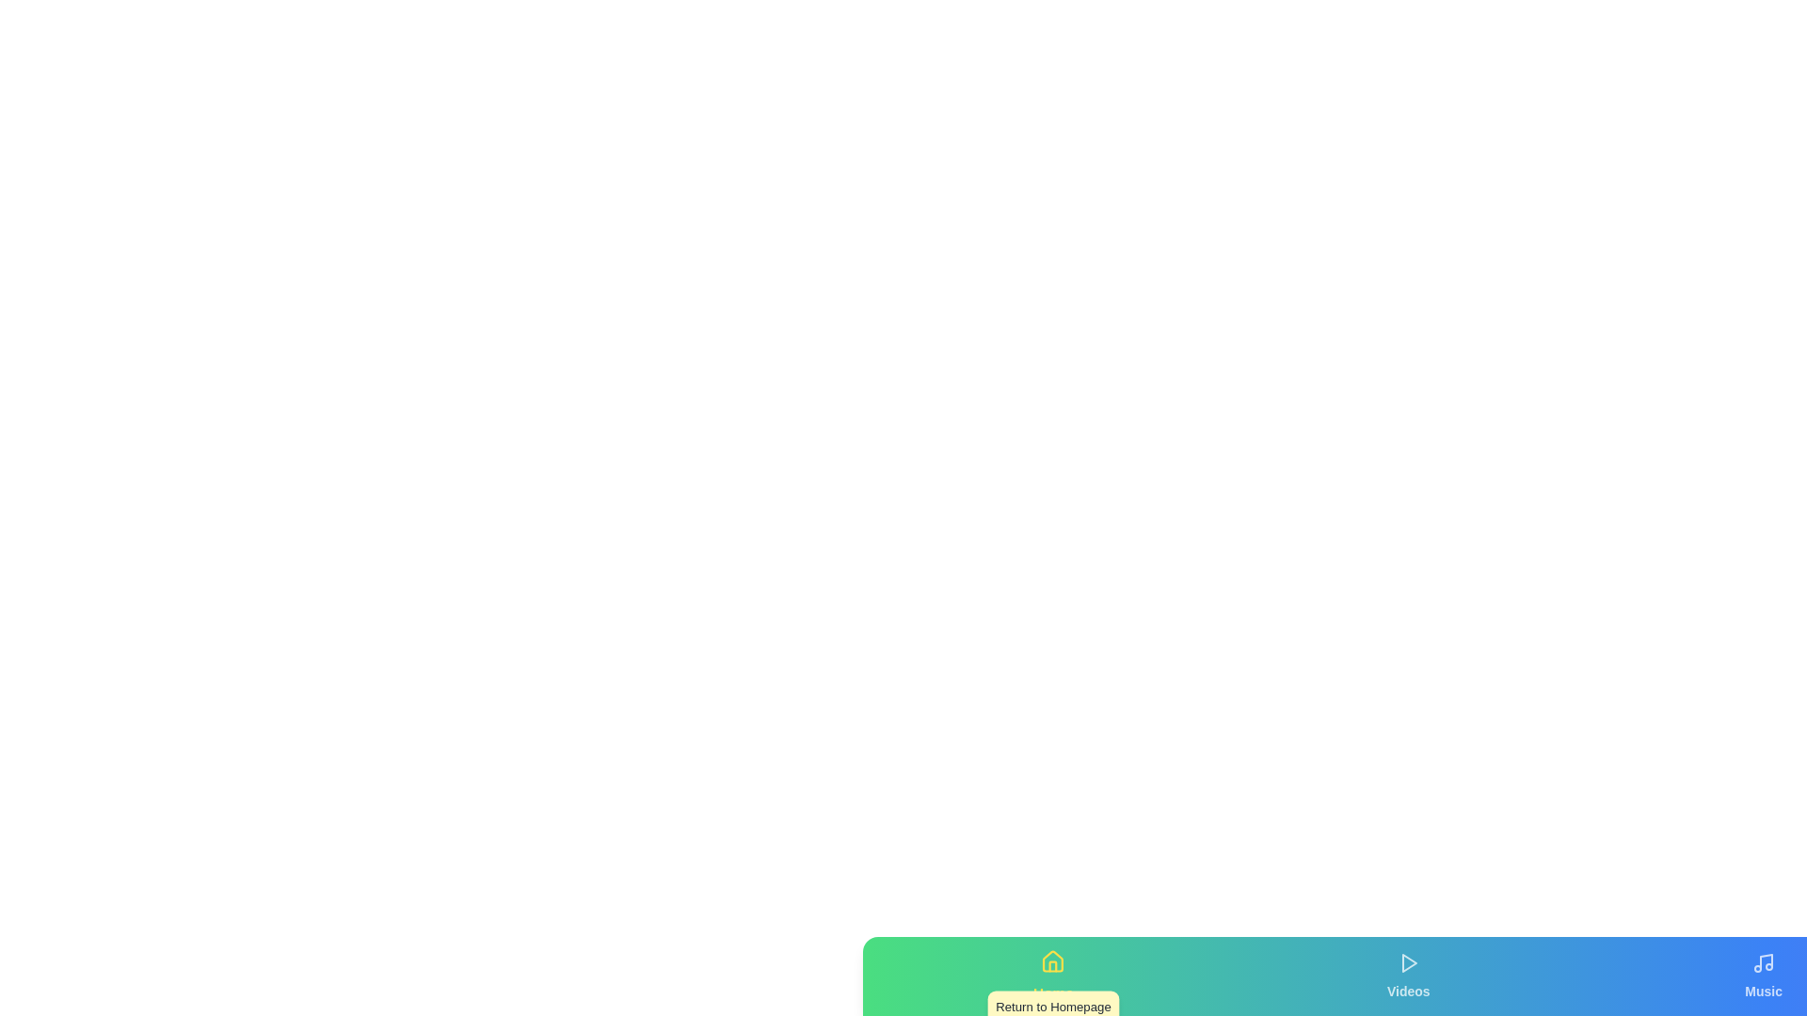 The width and height of the screenshot is (1807, 1016). What do you see at coordinates (1408, 975) in the screenshot?
I see `the tab labeled Videos to view its details` at bounding box center [1408, 975].